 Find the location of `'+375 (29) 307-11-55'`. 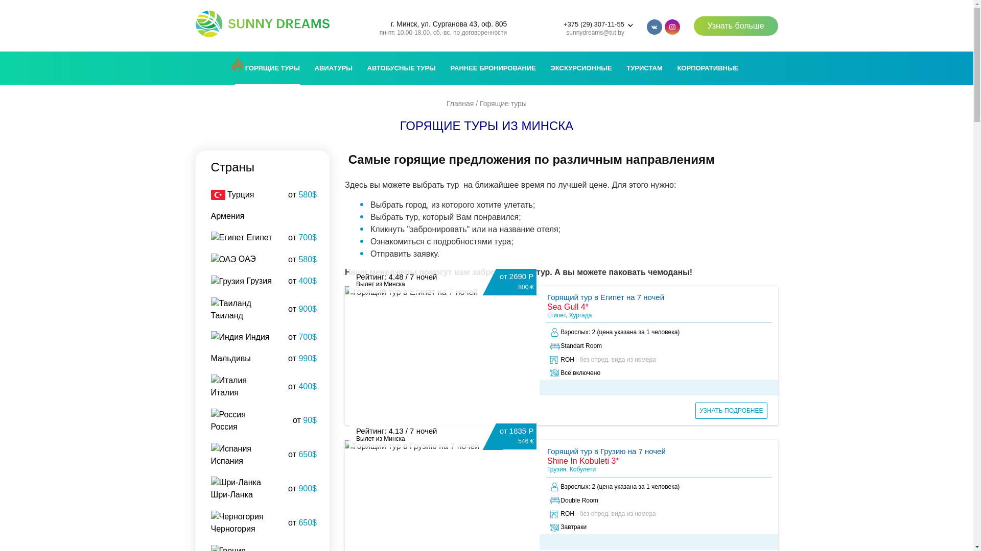

'+375 (29) 307-11-55' is located at coordinates (594, 23).